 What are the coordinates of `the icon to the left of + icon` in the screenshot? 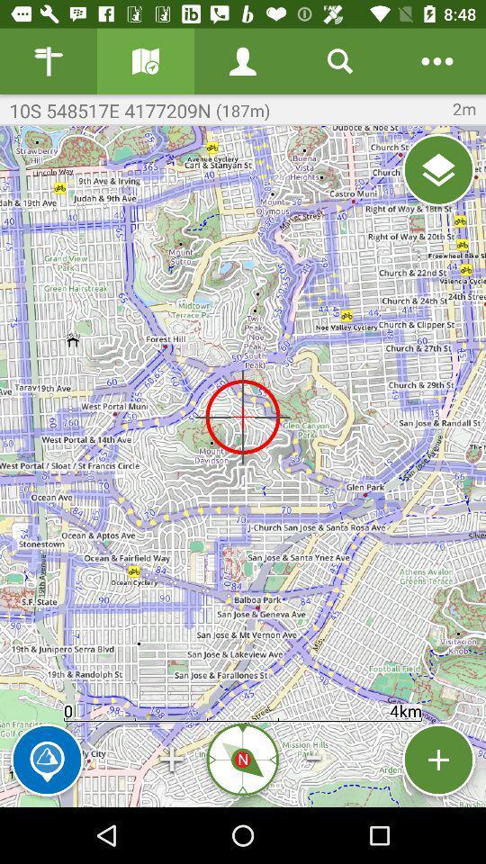 It's located at (47, 759).